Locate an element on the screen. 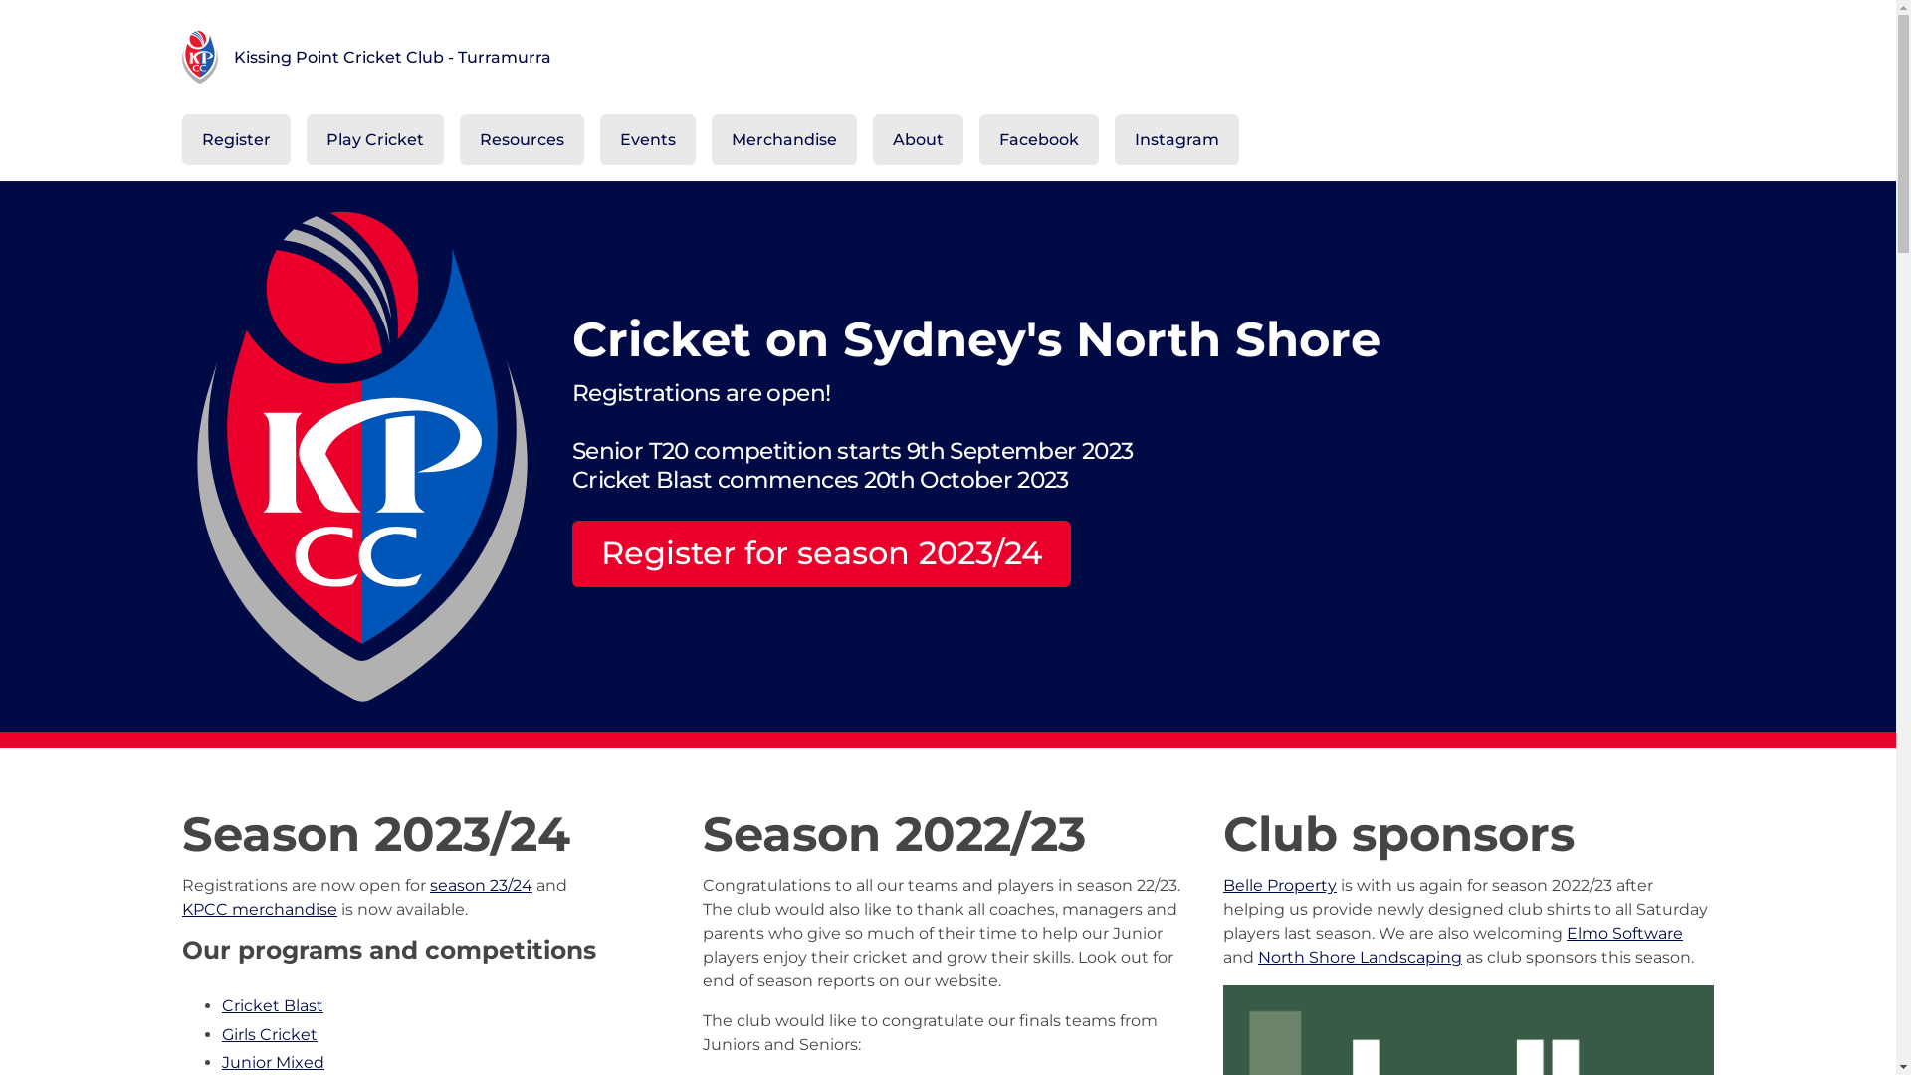 The height and width of the screenshot is (1075, 1911). 'Junior Mixed' is located at coordinates (271, 1061).